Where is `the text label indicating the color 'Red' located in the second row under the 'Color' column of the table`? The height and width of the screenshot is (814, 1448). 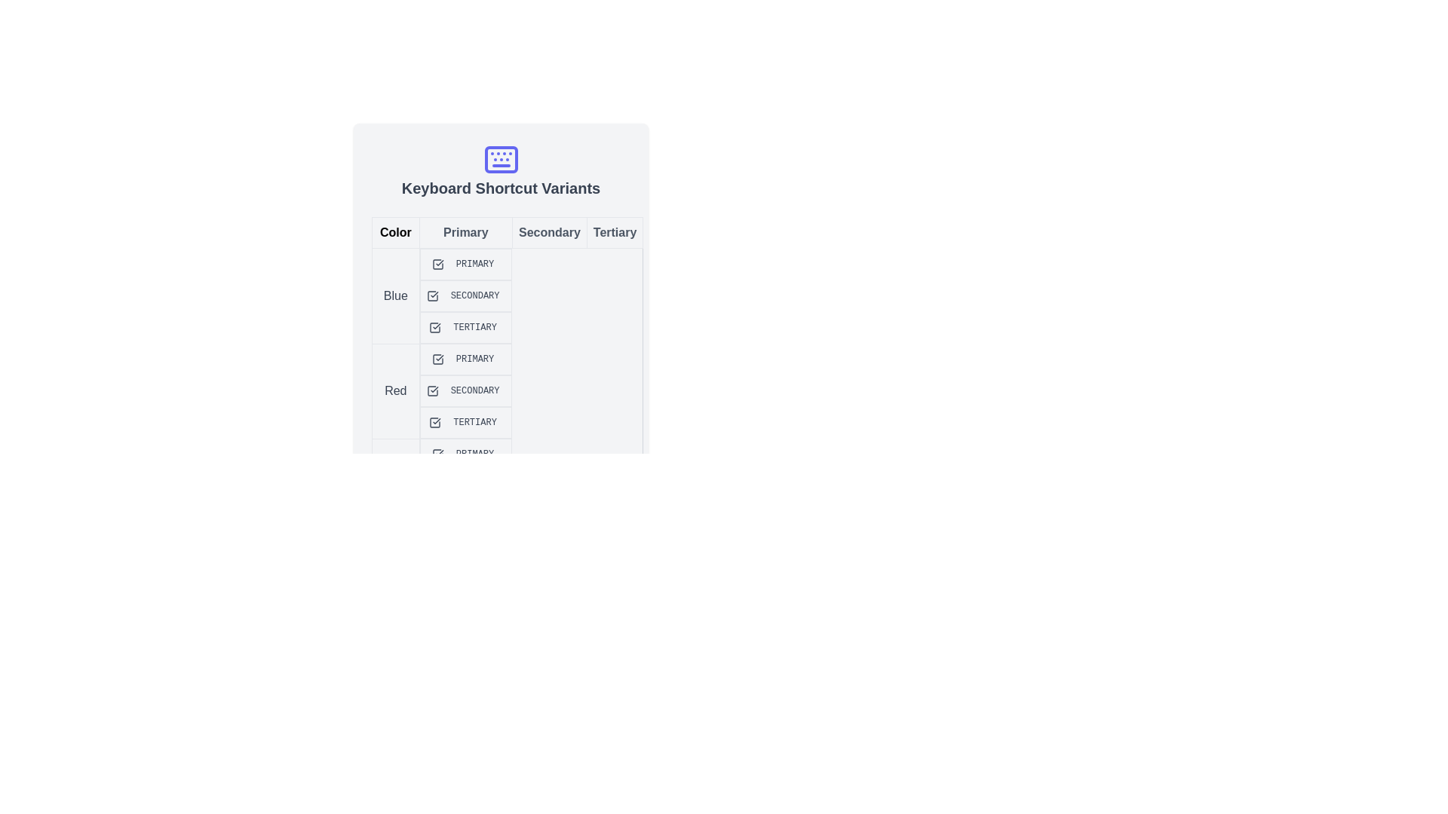
the text label indicating the color 'Red' located in the second row under the 'Color' column of the table is located at coordinates (395, 390).